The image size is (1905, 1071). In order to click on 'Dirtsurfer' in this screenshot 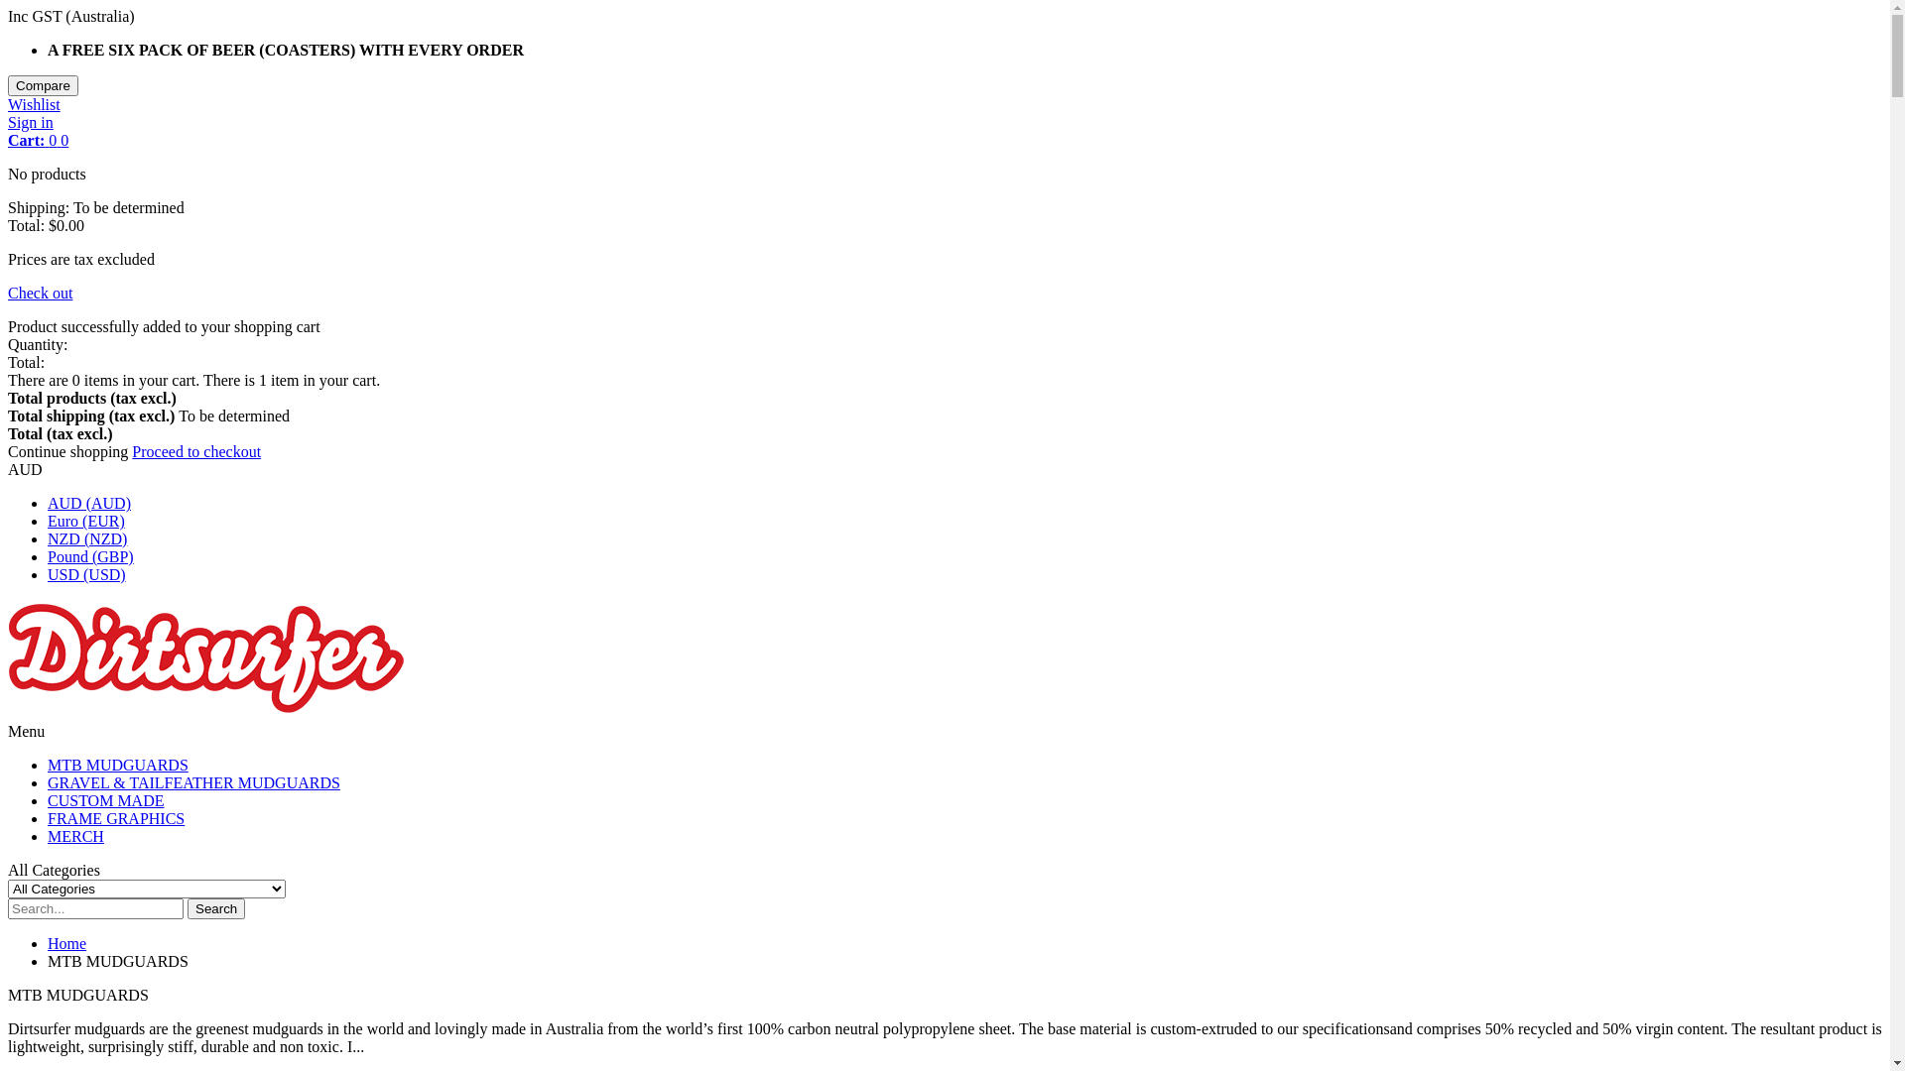, I will do `click(205, 712)`.